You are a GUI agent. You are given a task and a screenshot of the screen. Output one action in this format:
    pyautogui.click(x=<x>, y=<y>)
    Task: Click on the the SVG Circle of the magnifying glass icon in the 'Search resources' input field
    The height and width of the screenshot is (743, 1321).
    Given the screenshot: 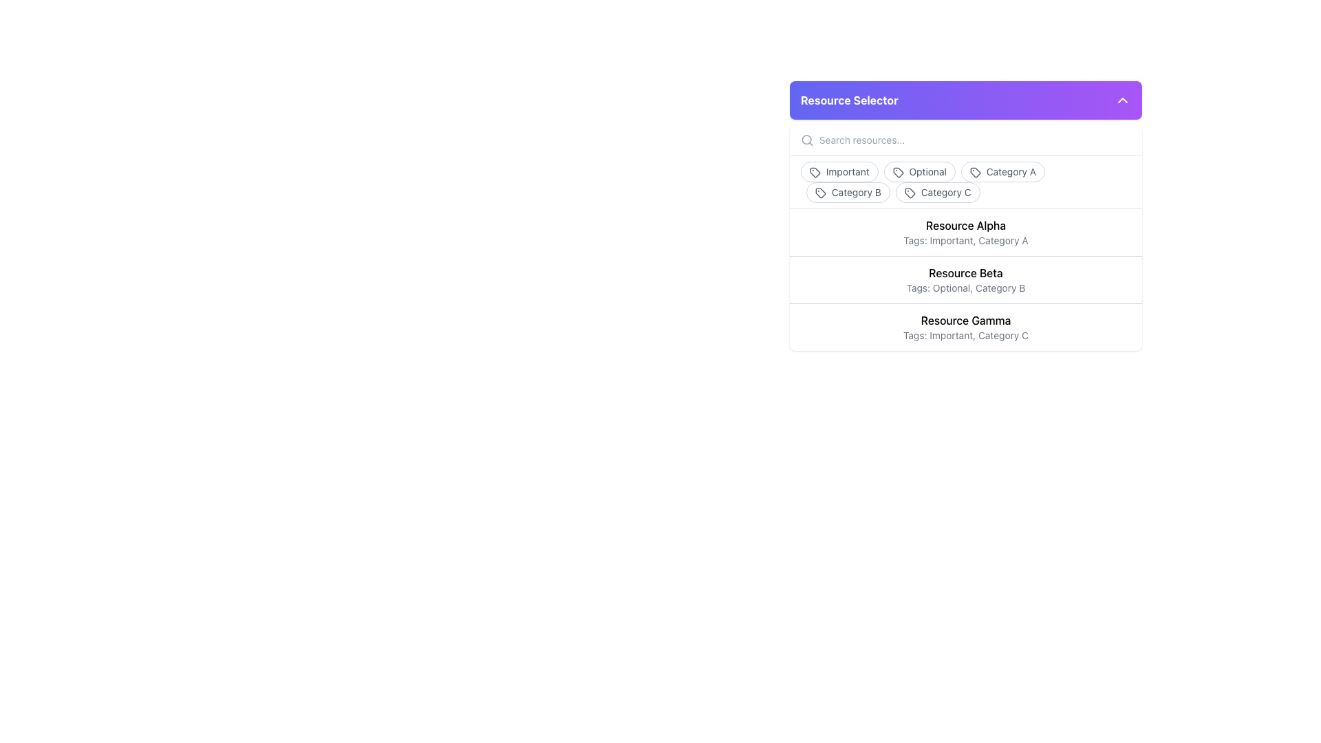 What is the action you would take?
    pyautogui.click(x=806, y=140)
    